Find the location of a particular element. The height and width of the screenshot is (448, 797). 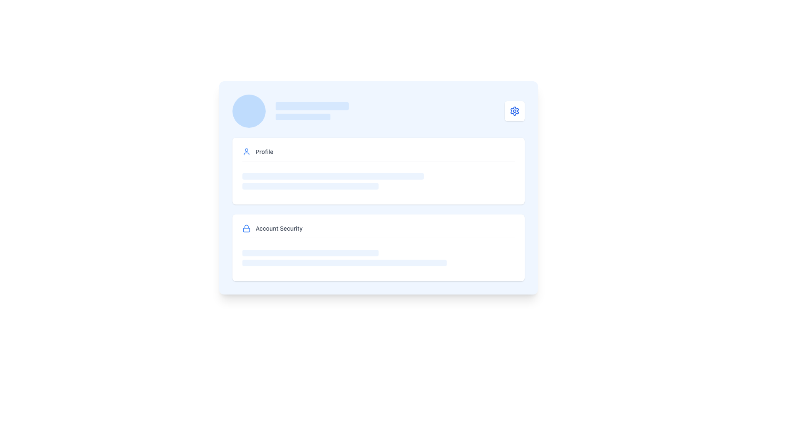

the blue user icon represented as a circular-head figure with shoulders, located at the leftmost side of the 'Profile' section is located at coordinates (246, 152).